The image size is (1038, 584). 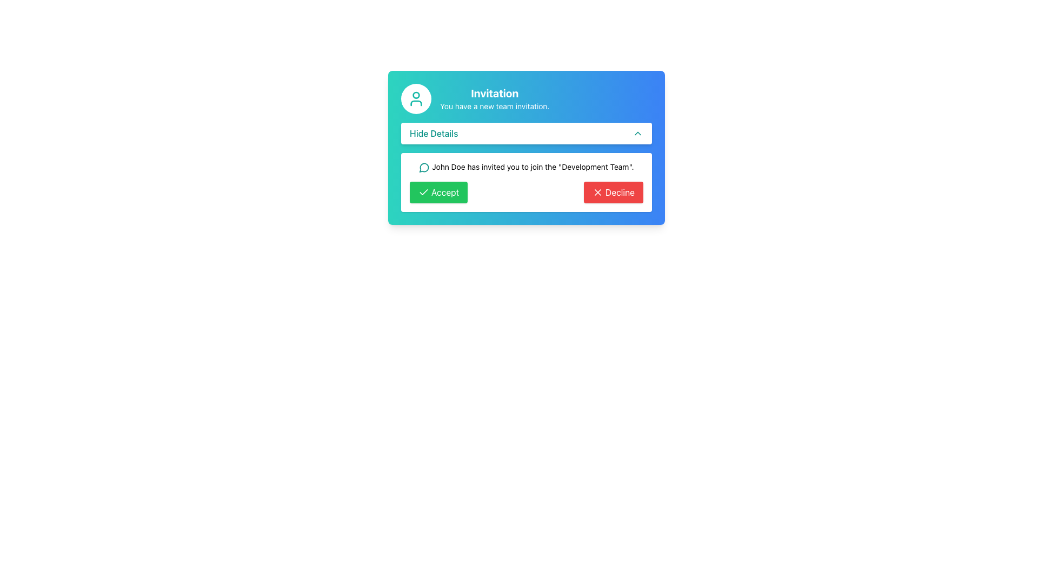 I want to click on the upward-pointing chevron icon located at the far right end of the 'Hide Details' bar, so click(x=638, y=132).